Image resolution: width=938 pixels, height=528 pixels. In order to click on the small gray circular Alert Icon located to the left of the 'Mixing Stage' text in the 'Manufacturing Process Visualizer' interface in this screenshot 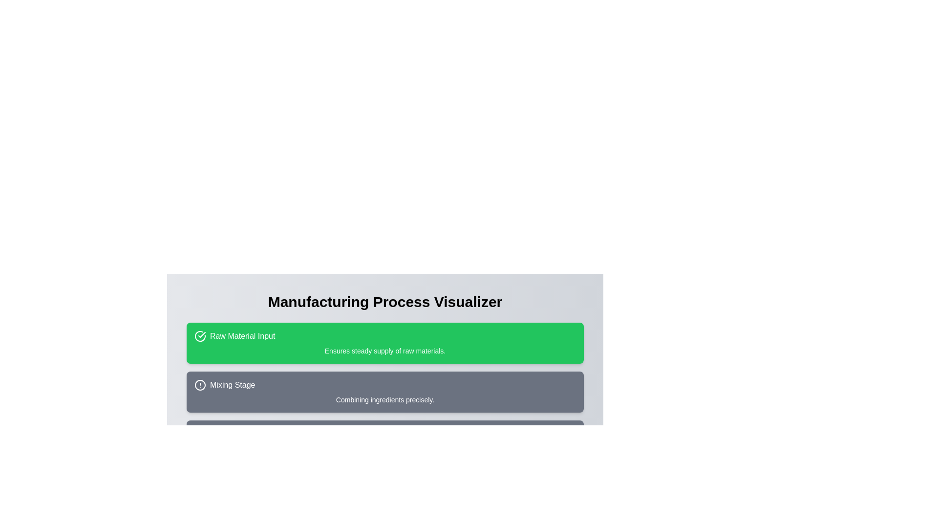, I will do `click(199, 384)`.